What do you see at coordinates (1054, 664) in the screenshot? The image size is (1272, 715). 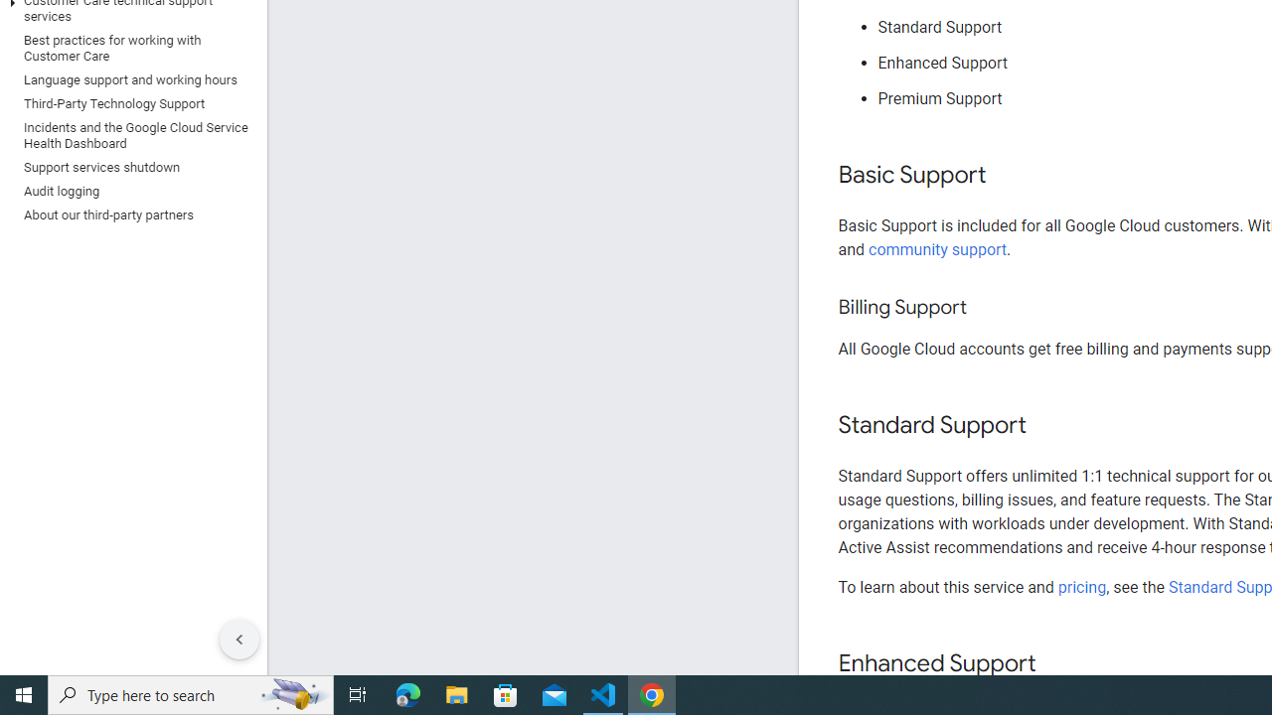 I see `'Copy link to this section: Enhanced Support'` at bounding box center [1054, 664].